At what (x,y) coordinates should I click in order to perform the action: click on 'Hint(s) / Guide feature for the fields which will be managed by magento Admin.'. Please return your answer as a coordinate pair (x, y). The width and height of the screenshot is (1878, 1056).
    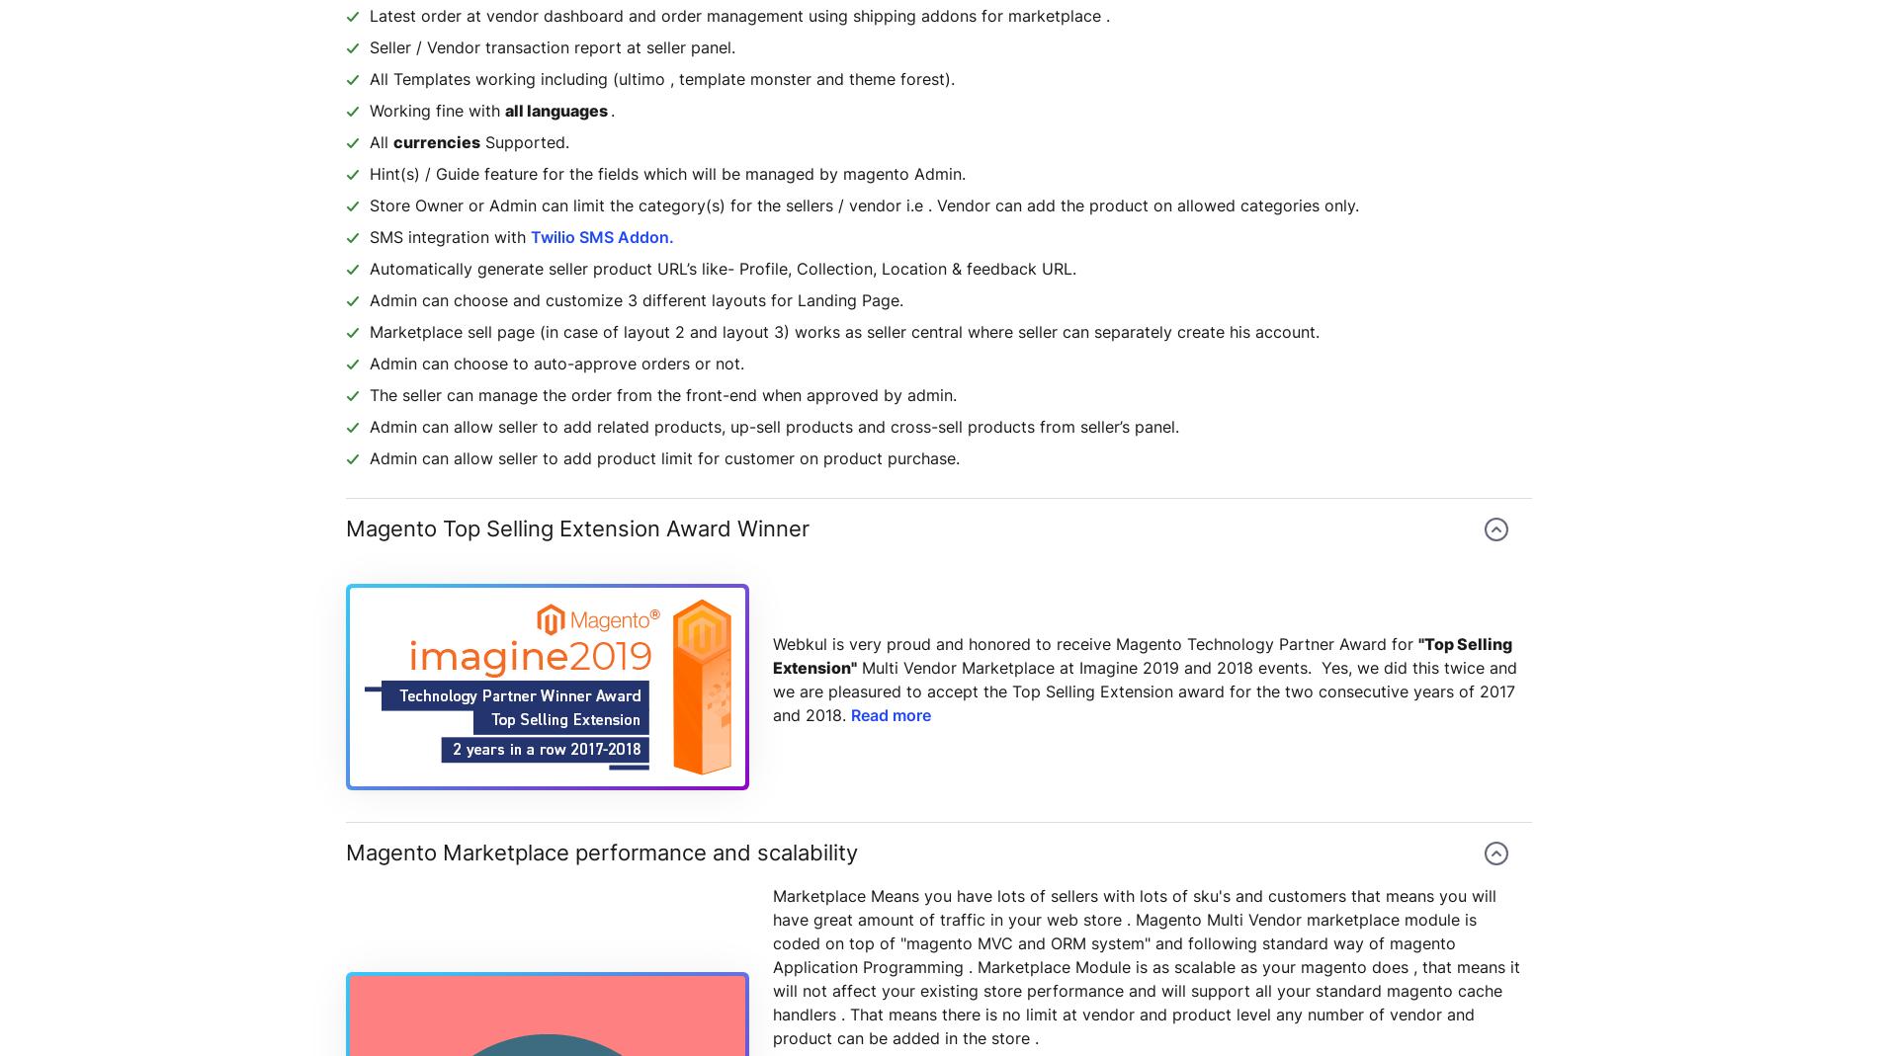
    Looking at the image, I should click on (368, 173).